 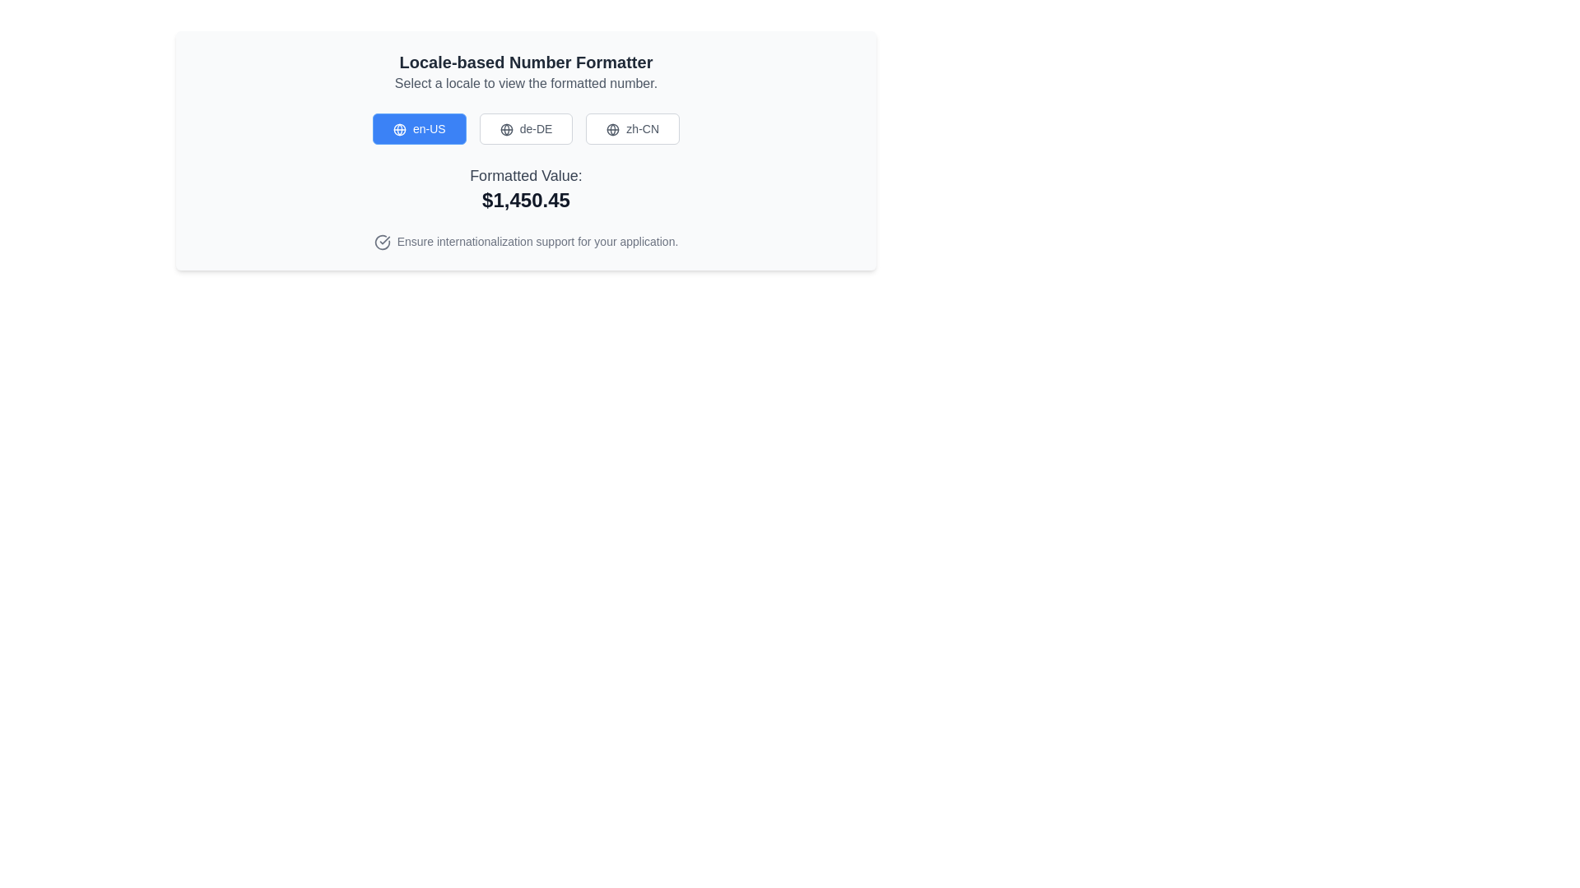 I want to click on the Button Group element labeled 'en-US', 'de-DE', and 'zh-CN', so click(x=525, y=128).